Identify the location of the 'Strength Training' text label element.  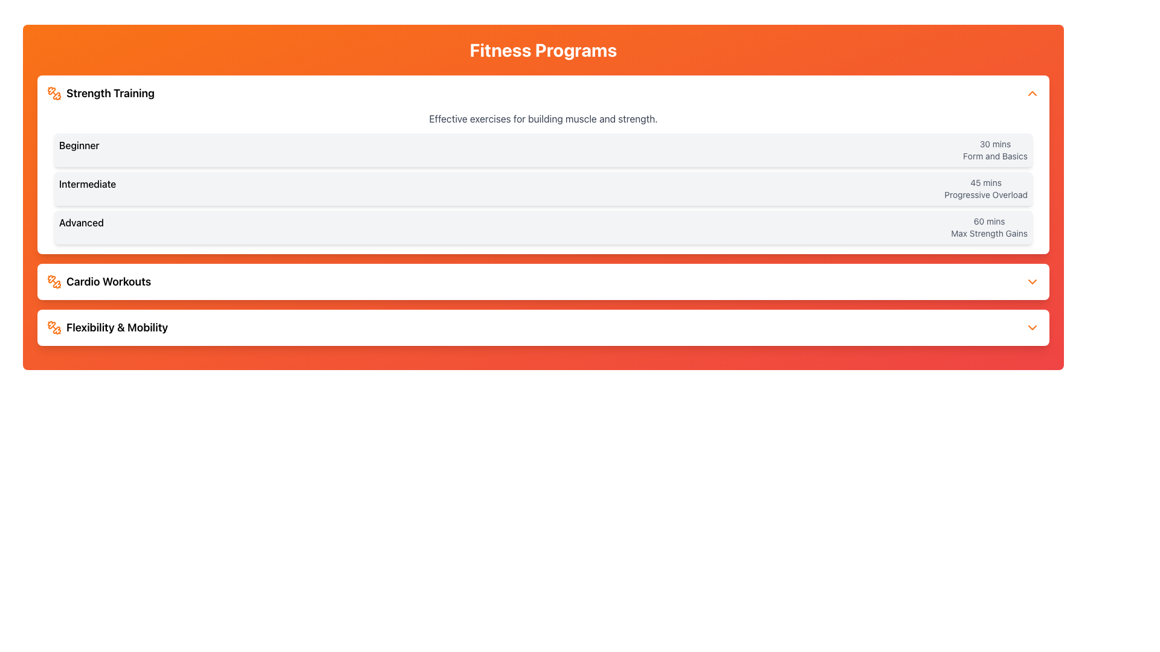
(110, 92).